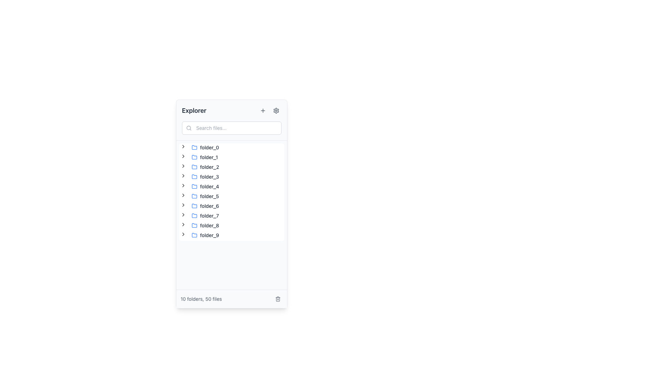  I want to click on the search icon located to the left of the placeholder text 'Search files...' in the search input field at the top of the Explorer panel, so click(189, 128).